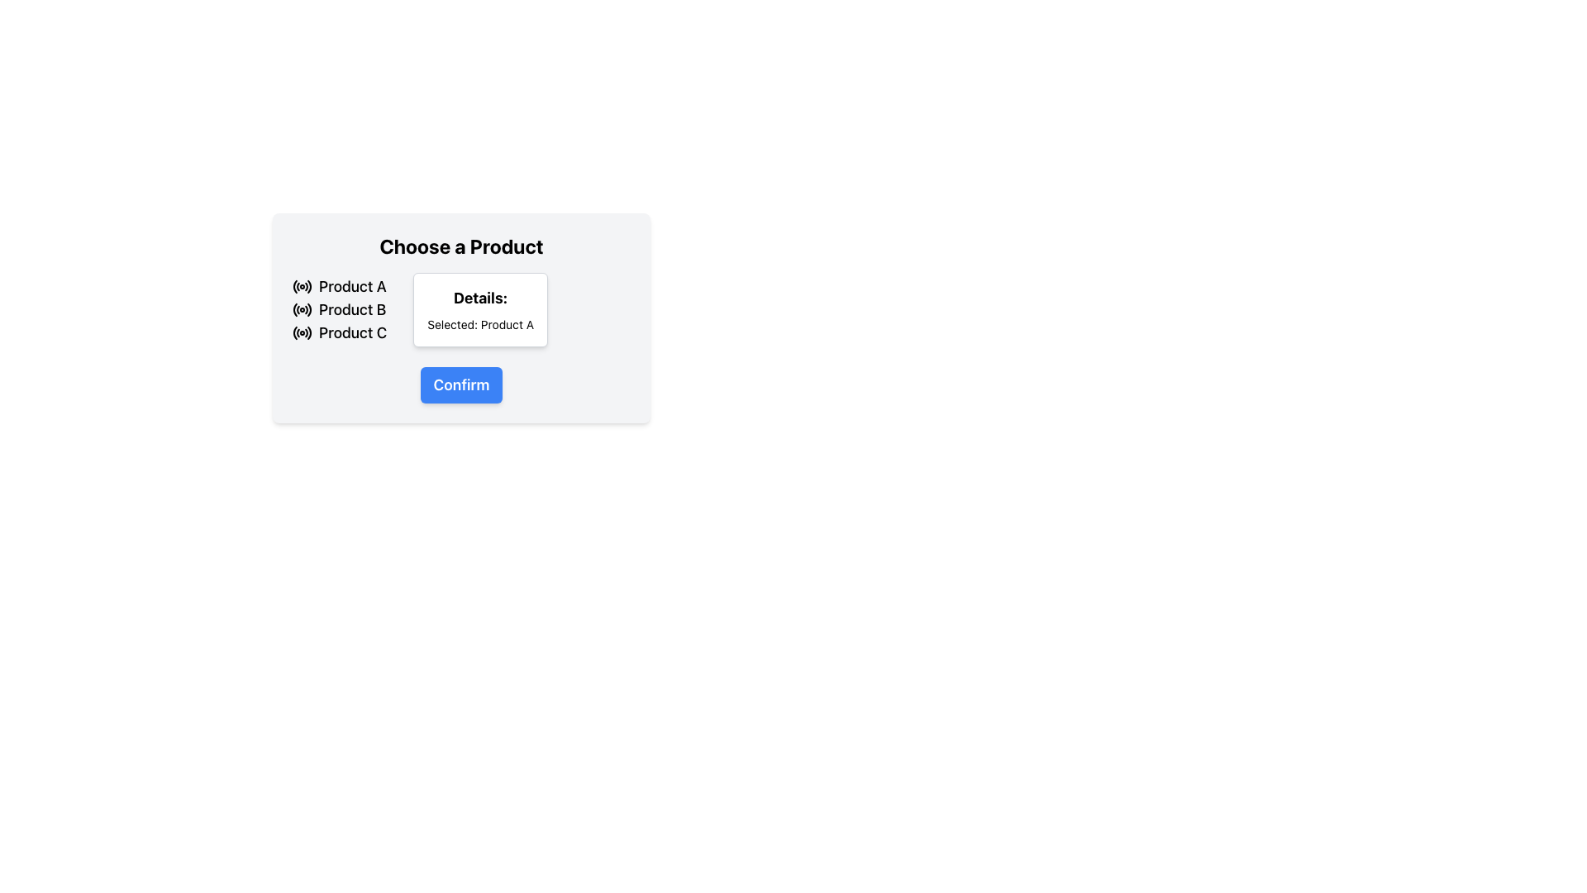  Describe the element at coordinates (351, 309) in the screenshot. I see `the radio button associated with the label 'Product B', which is the second item in a group of product options` at that location.